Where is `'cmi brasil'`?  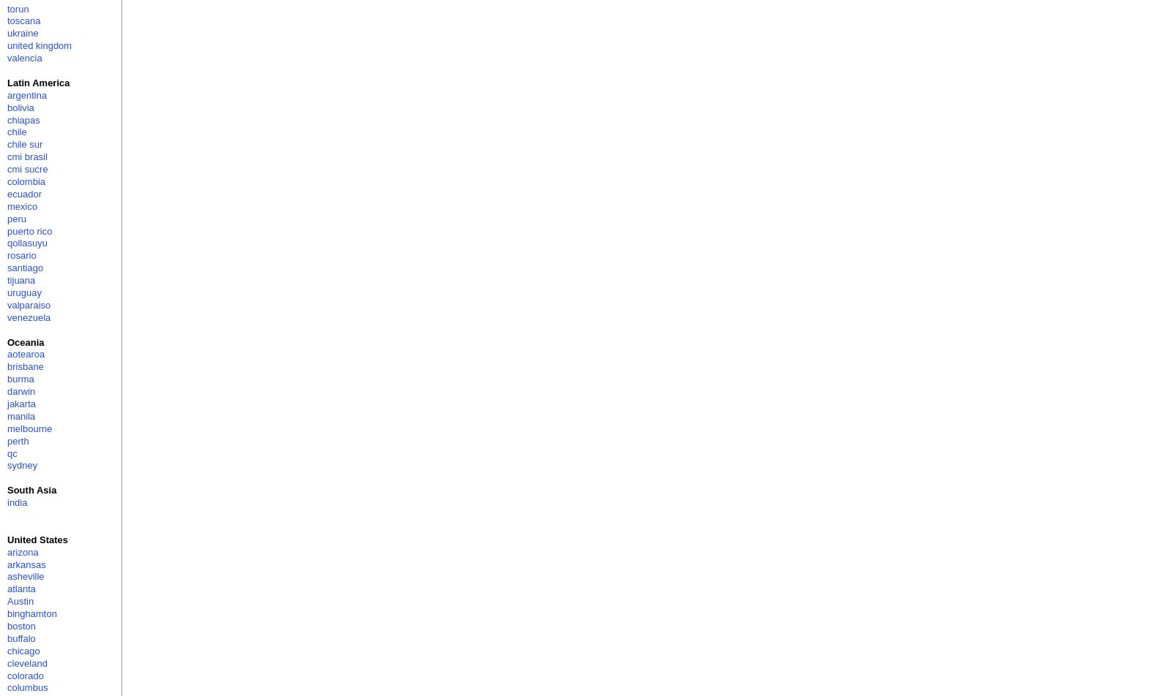
'cmi brasil' is located at coordinates (7, 156).